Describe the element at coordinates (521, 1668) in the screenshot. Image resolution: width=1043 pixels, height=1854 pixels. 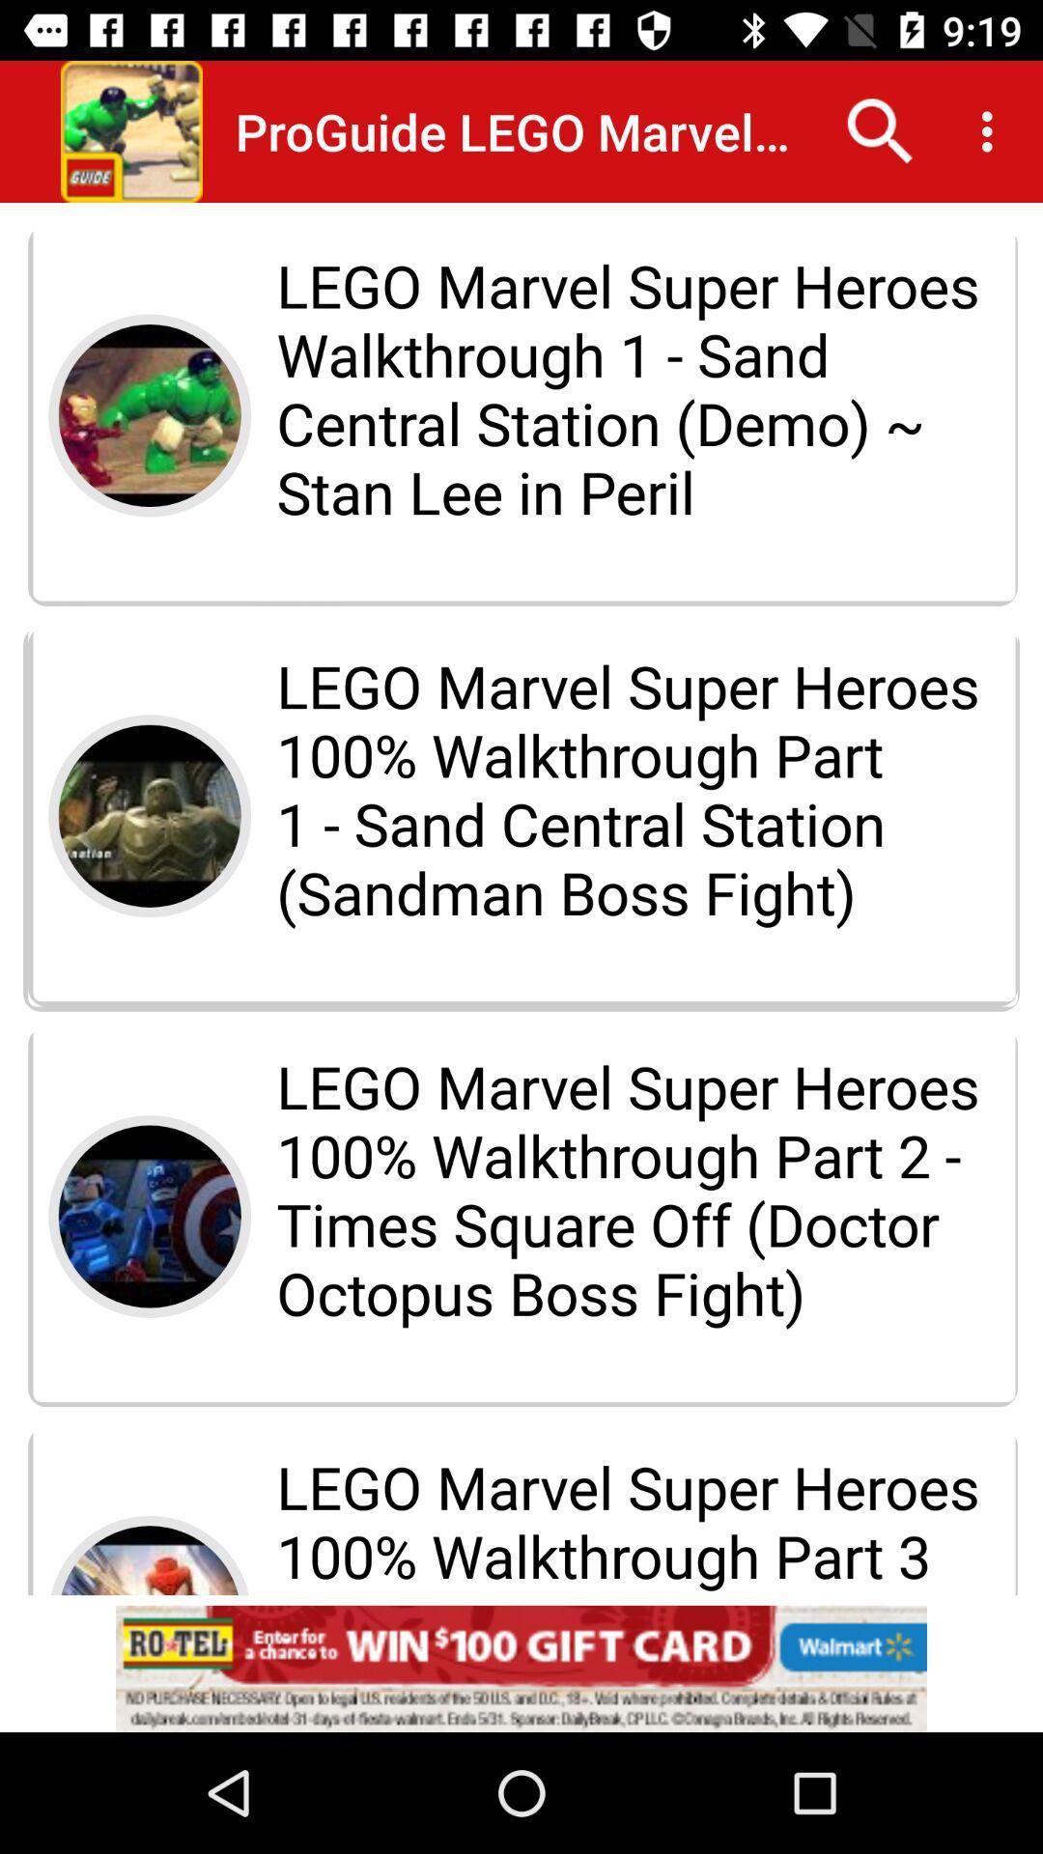
I see `click advertisement` at that location.